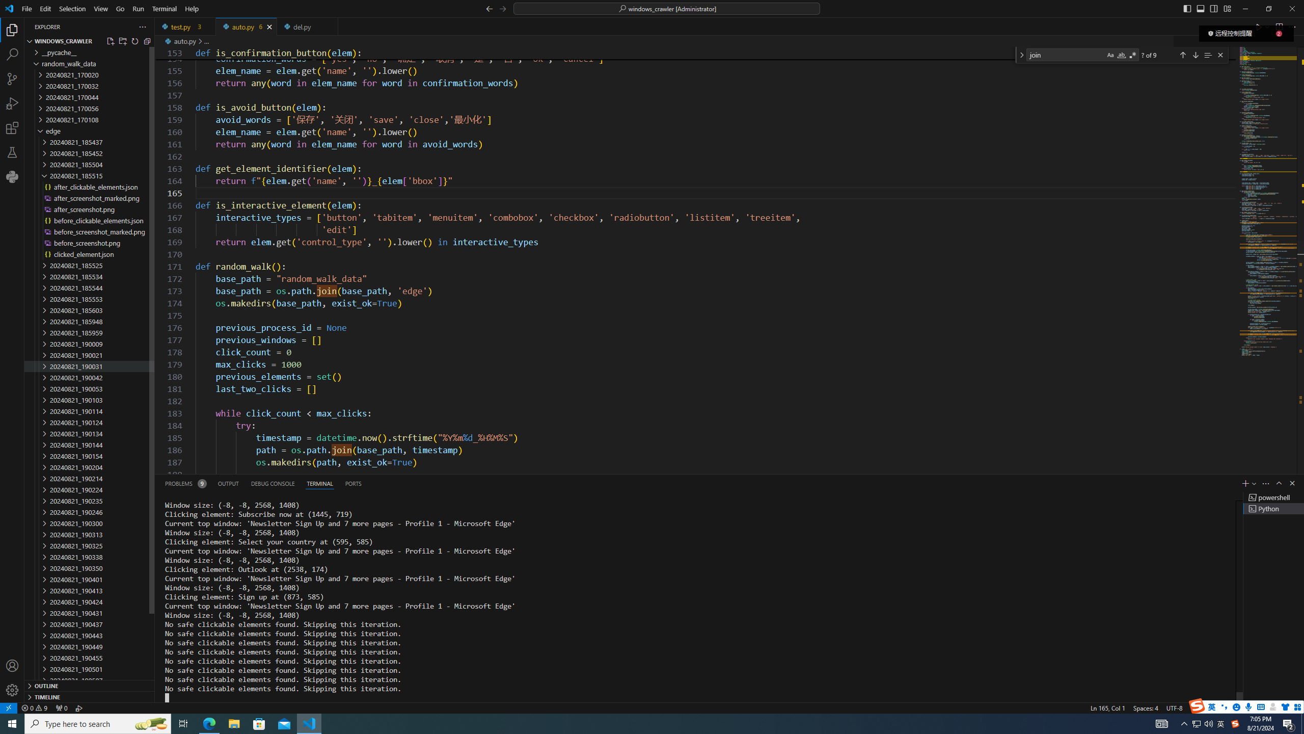 The image size is (1304, 734). I want to click on 'Warnings: 9', so click(33, 707).